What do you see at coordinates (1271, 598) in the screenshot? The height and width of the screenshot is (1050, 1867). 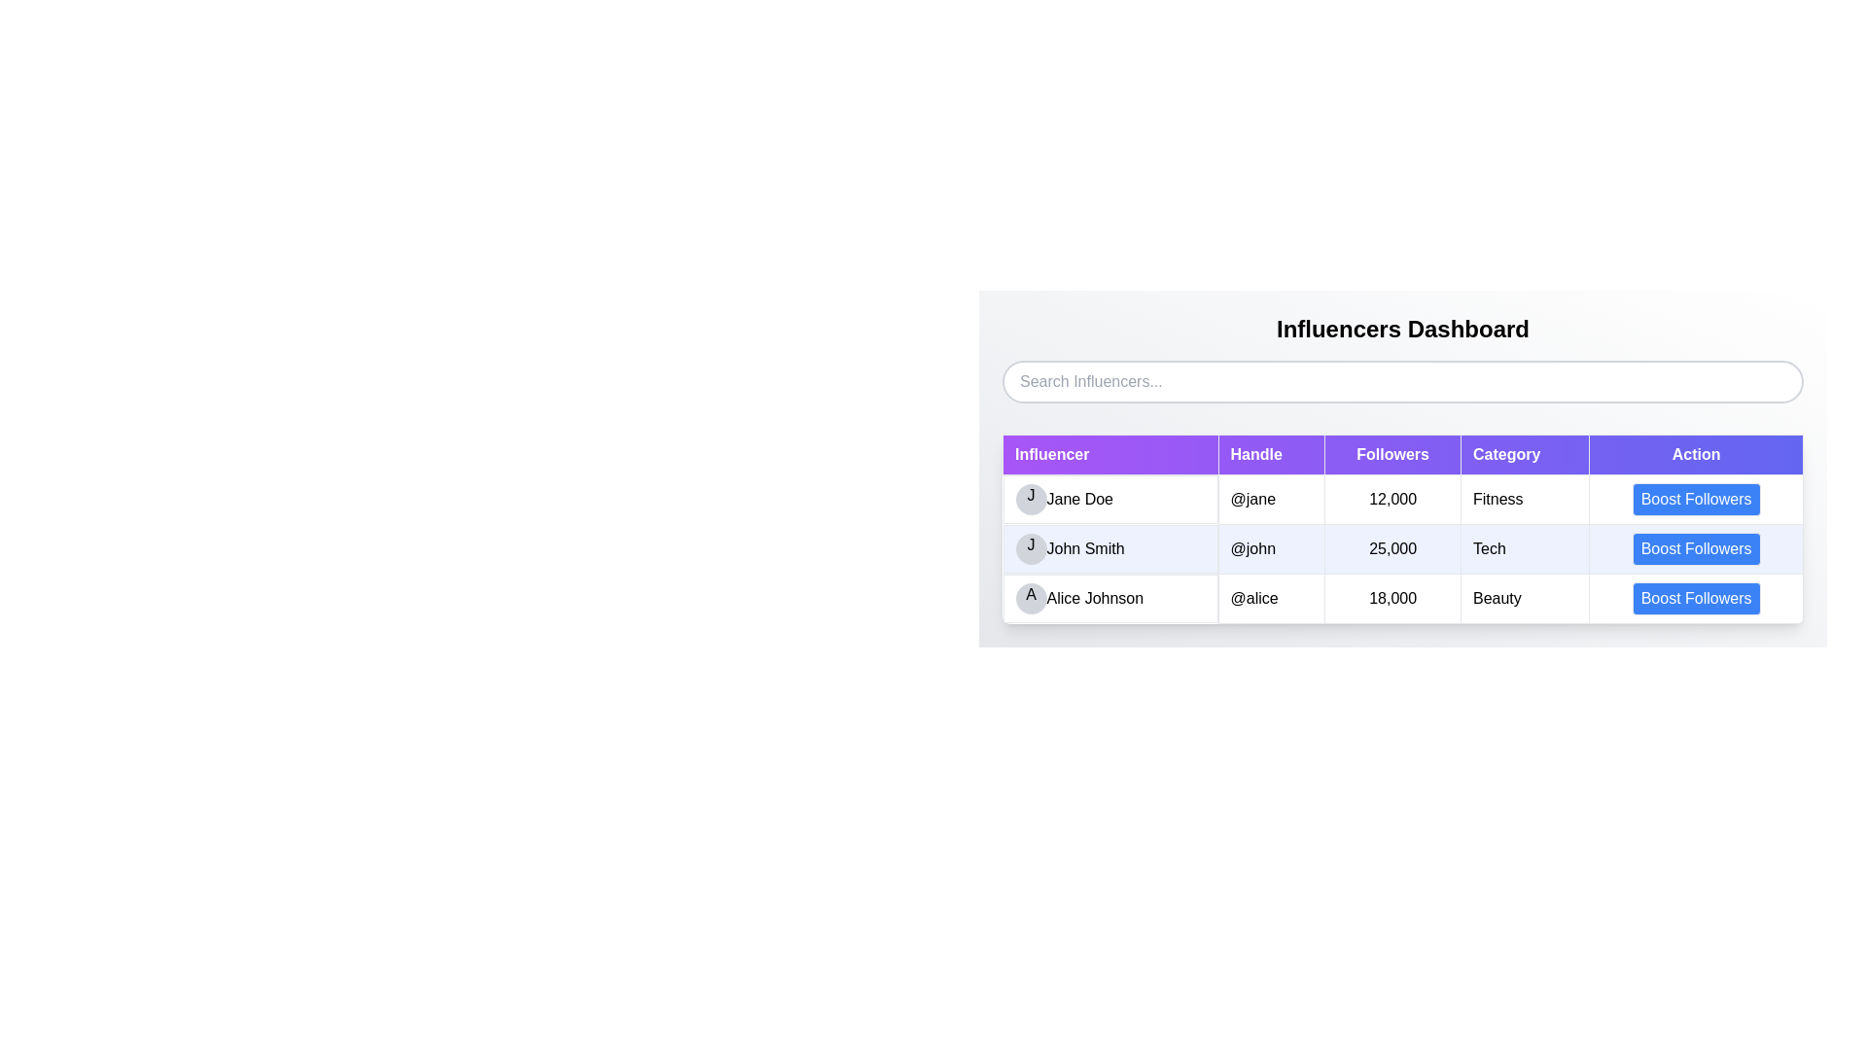 I see `the static text label displaying the username 'Alice Johnson' in the third row of the table, located in the 'Handle' column` at bounding box center [1271, 598].